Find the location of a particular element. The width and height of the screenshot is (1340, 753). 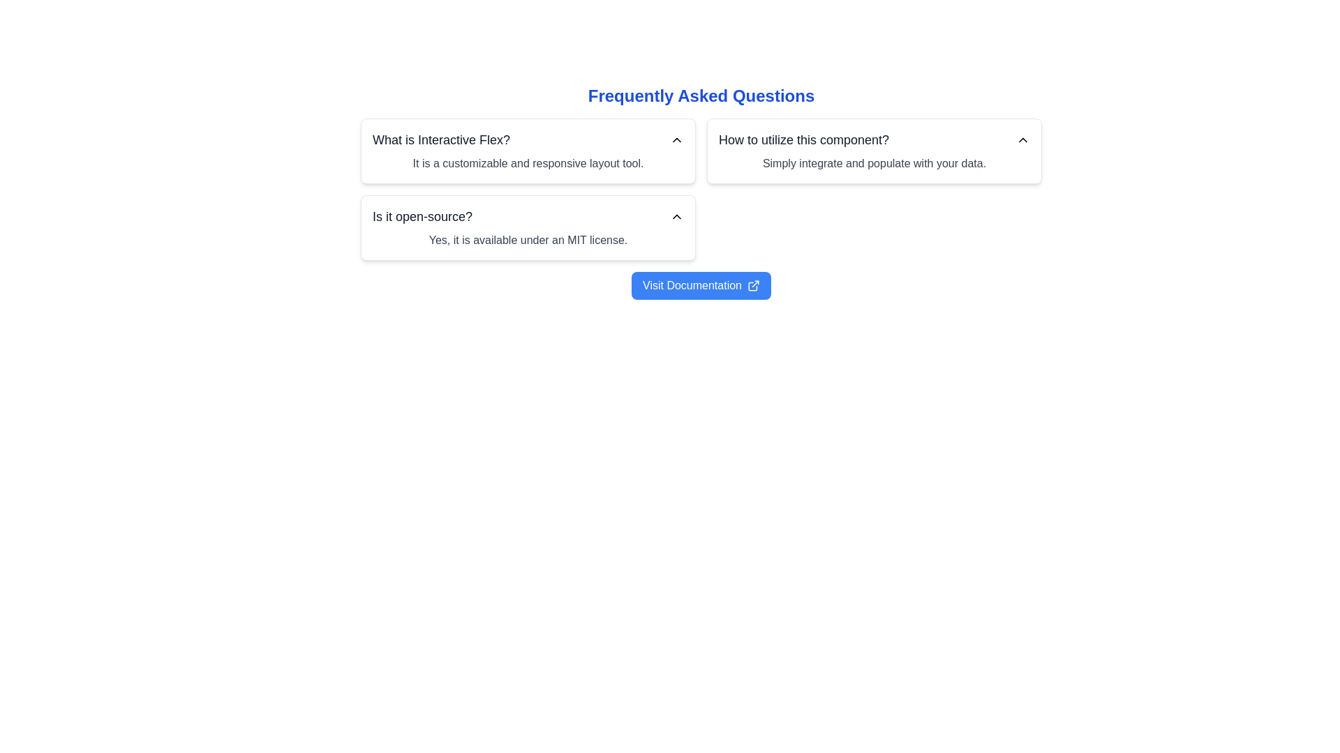

the upward-pointing chevron icon next to the text 'What is Interactive Flex?' is located at coordinates (676, 139).